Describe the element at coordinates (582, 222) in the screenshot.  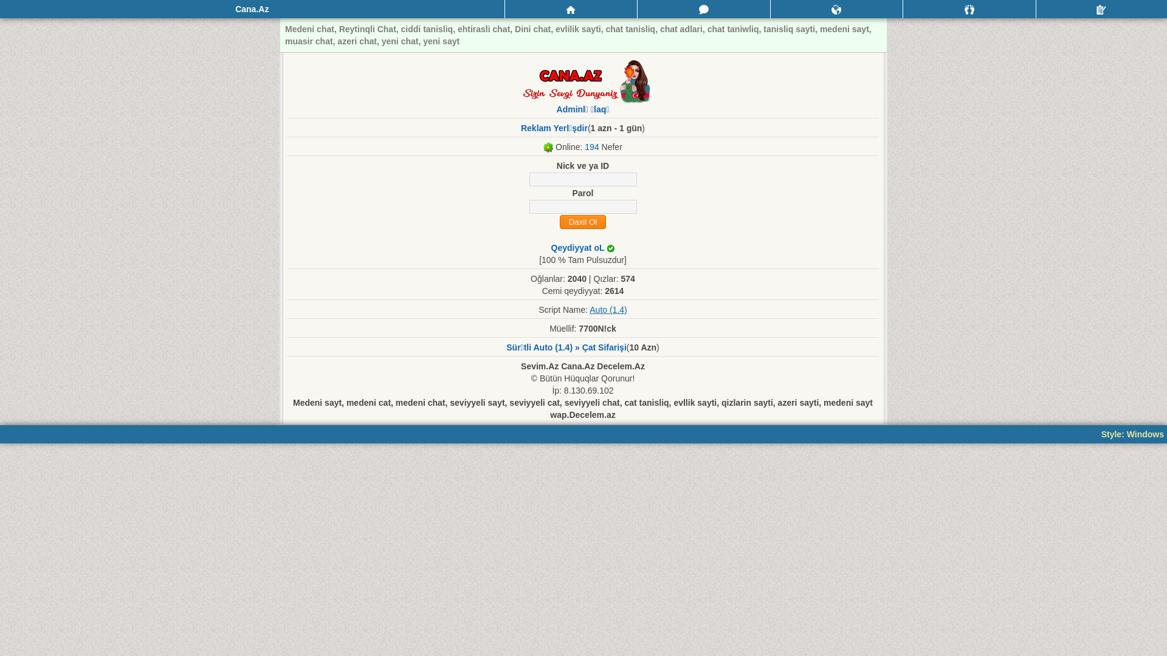
I see `'Daxil Ol'` at that location.